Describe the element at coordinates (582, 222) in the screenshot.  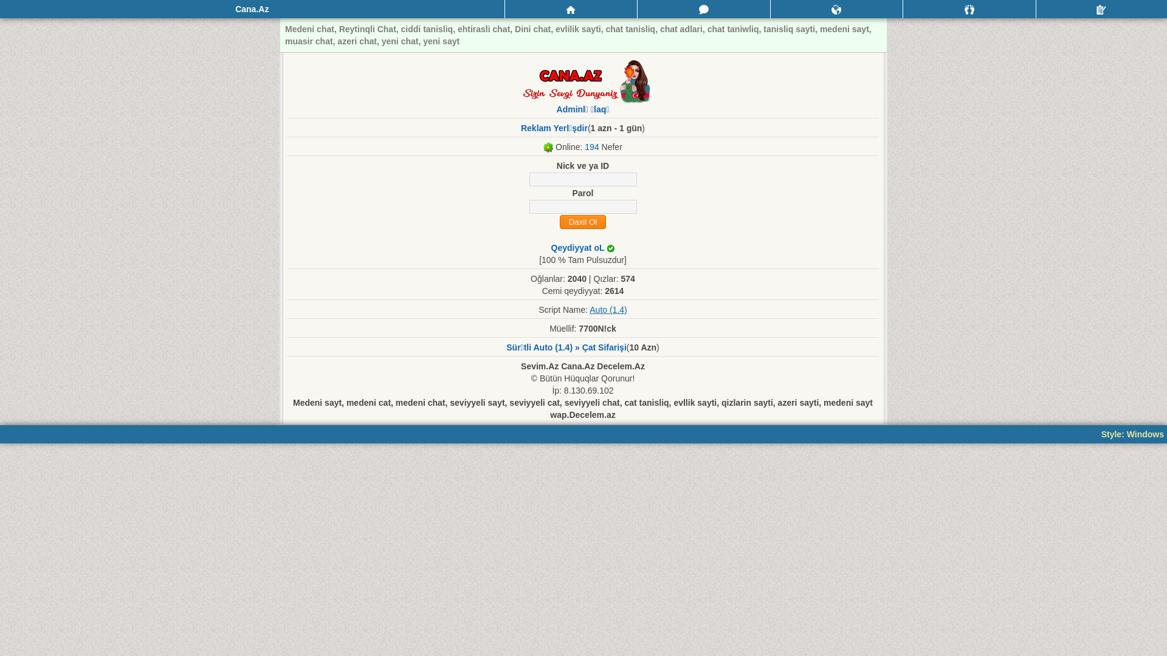
I see `'Daxil Ol'` at that location.